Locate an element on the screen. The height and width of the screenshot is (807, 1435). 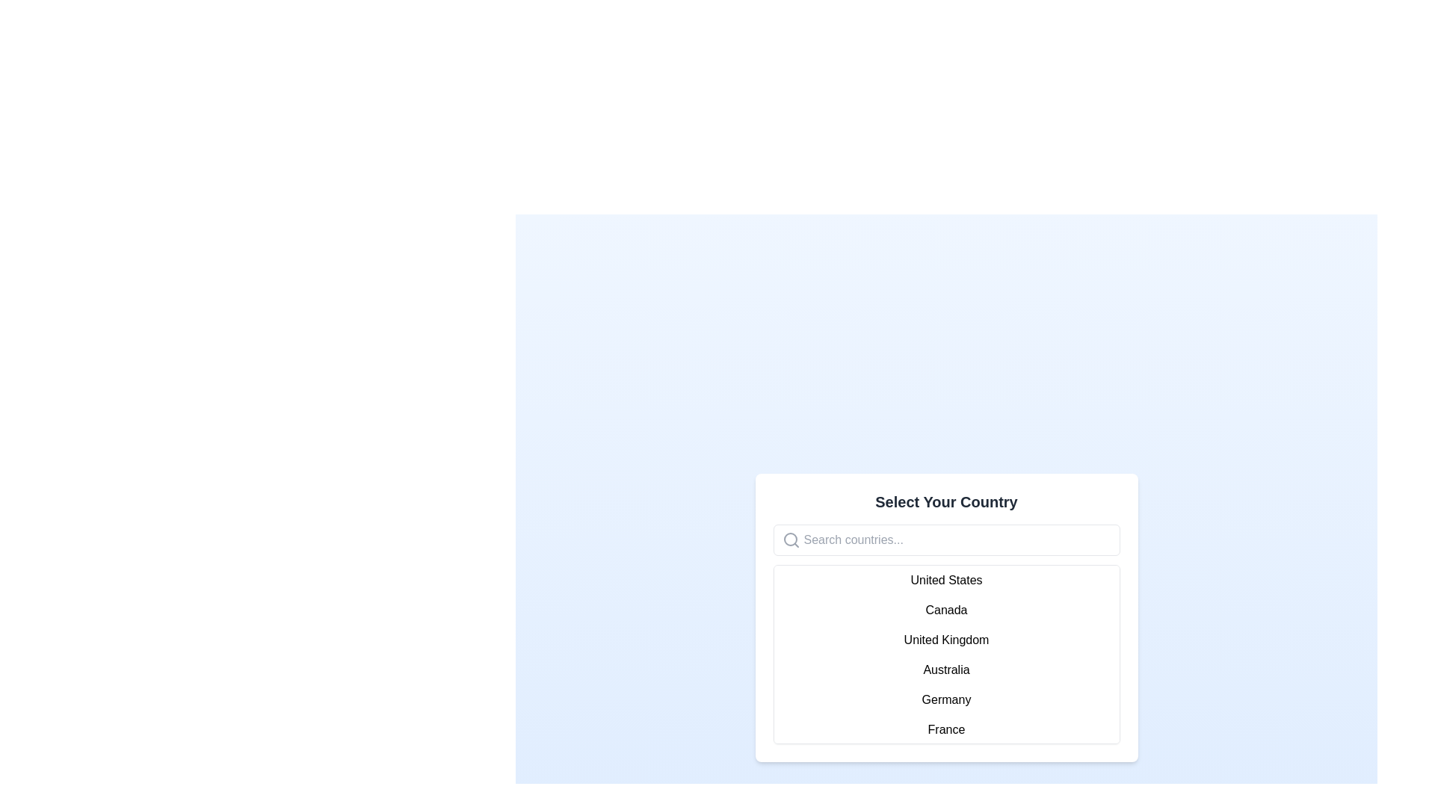
the second entry in the dropdown list is located at coordinates (945, 610).